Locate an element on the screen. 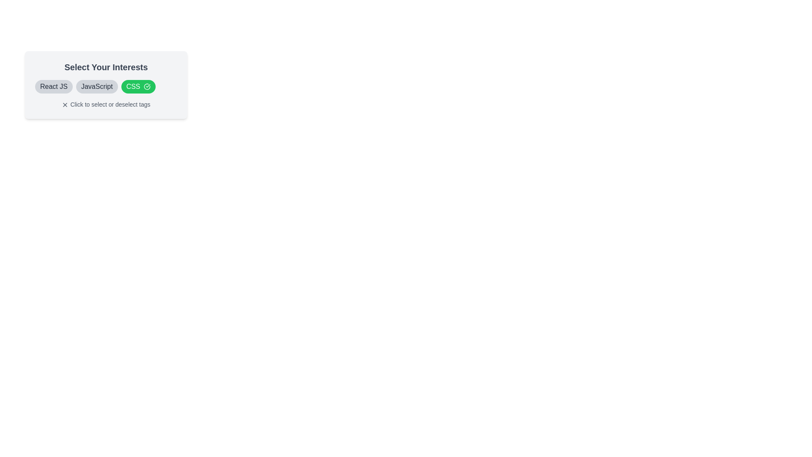 The height and width of the screenshot is (457, 812). the 'JavaScript' interest tag, which is the second item in a horizontal list of tags positioned between 'React JS' and 'CSS' is located at coordinates (97, 86).